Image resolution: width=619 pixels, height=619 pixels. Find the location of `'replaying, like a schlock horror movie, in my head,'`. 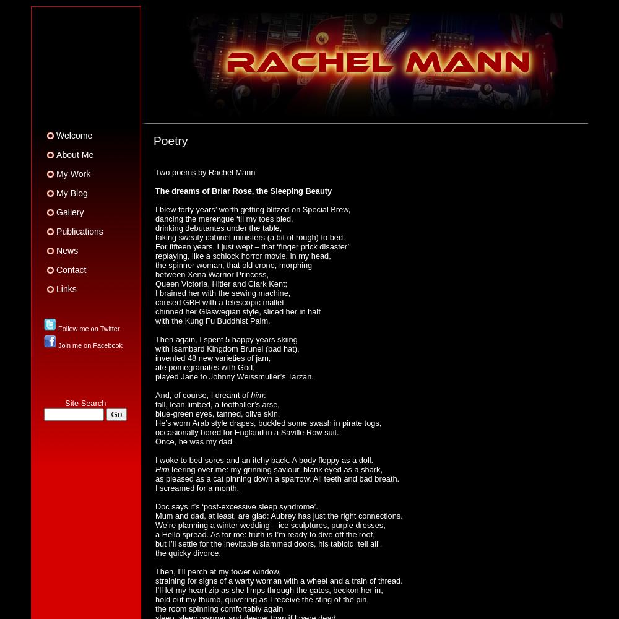

'replaying, like a schlock horror movie, in my head,' is located at coordinates (243, 255).